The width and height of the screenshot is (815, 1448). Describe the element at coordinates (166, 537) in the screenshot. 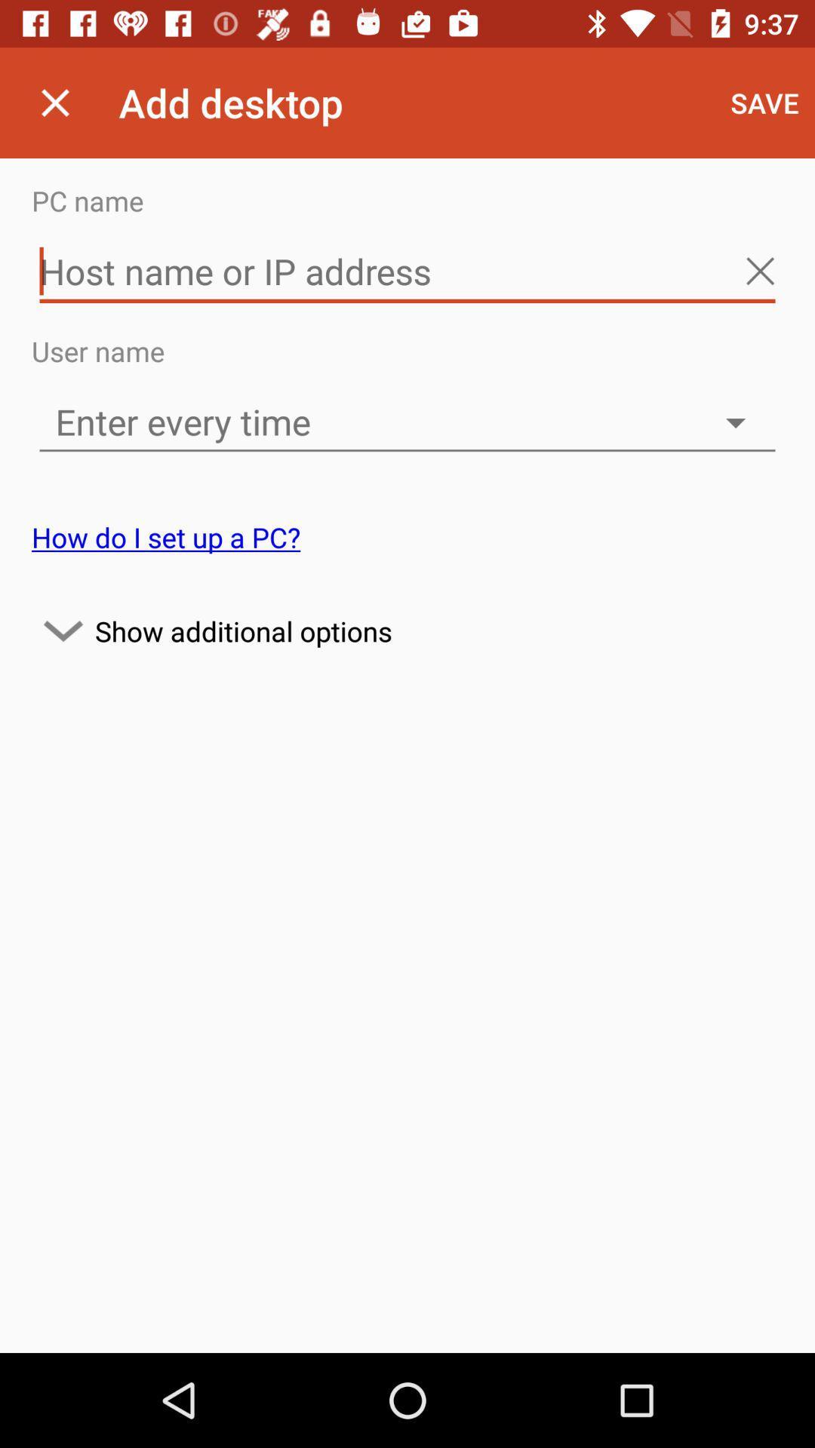

I see `the how do i on the left` at that location.